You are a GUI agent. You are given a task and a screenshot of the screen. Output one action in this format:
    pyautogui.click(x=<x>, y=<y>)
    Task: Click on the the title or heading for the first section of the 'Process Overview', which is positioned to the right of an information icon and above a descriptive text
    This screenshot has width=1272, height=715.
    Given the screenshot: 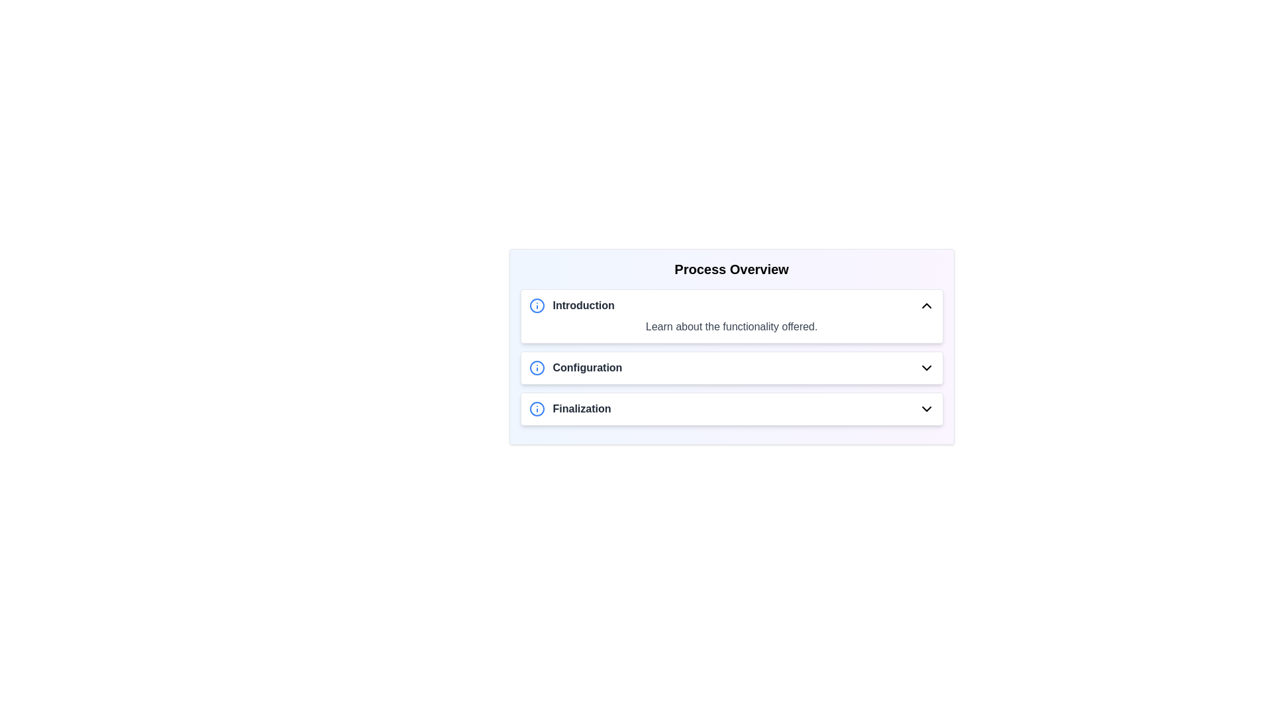 What is the action you would take?
    pyautogui.click(x=583, y=306)
    